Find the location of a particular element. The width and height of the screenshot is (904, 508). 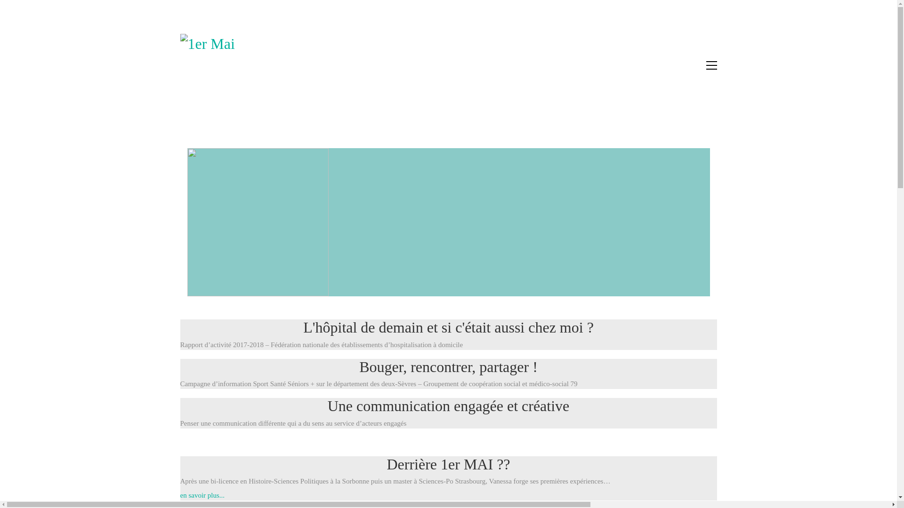

'en savoir plus...' is located at coordinates (202, 495).